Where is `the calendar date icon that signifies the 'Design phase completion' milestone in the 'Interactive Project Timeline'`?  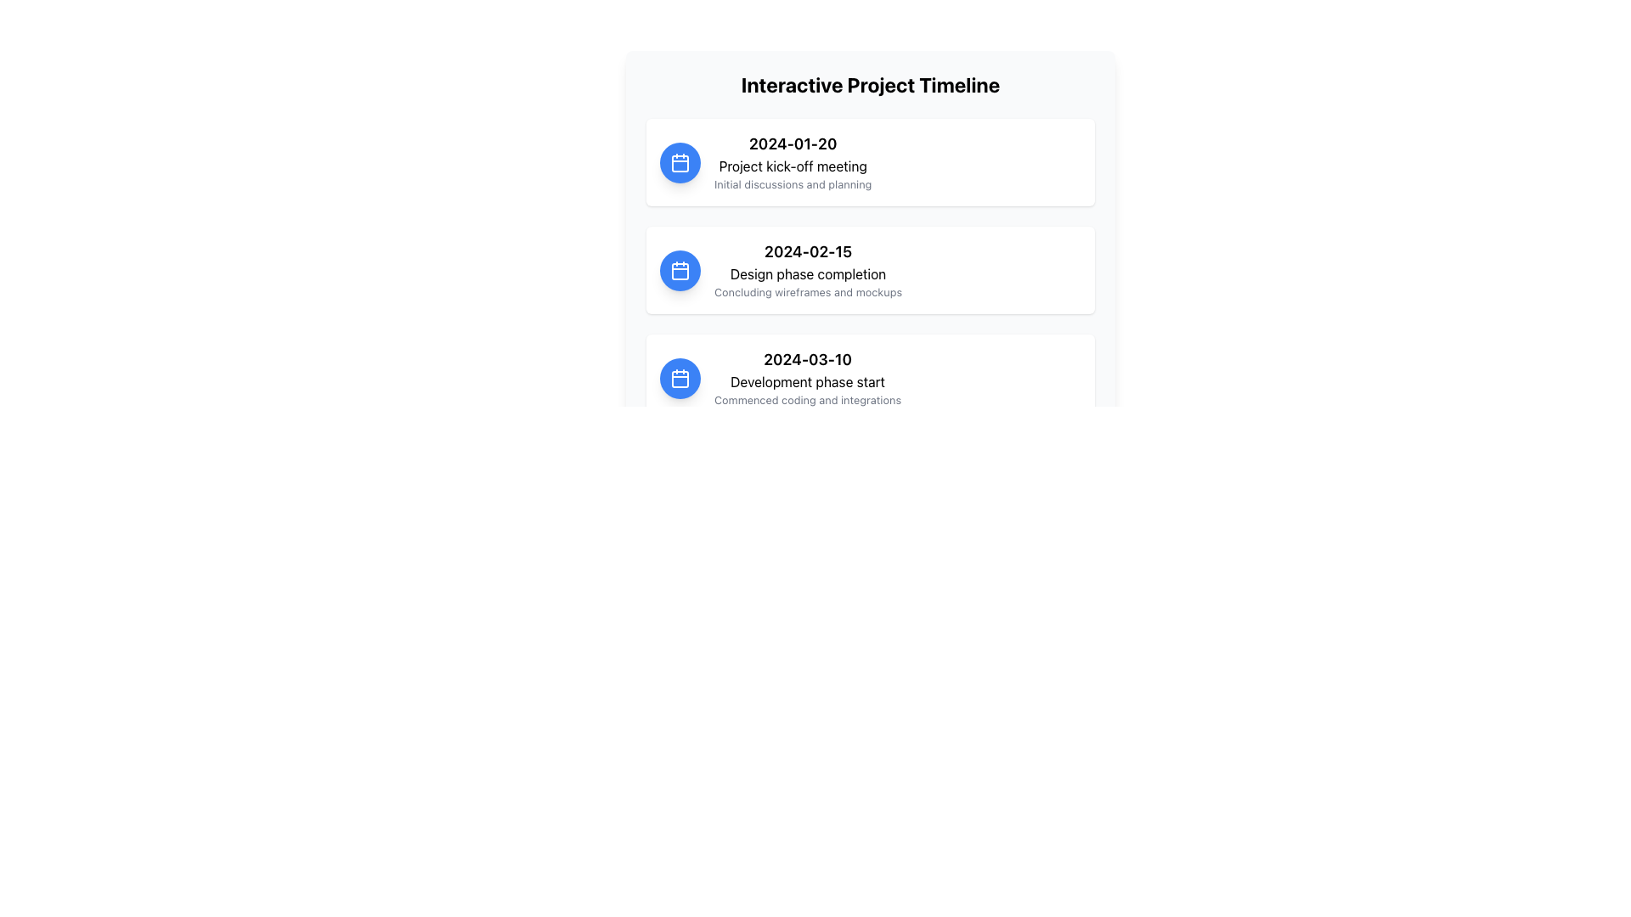 the calendar date icon that signifies the 'Design phase completion' milestone in the 'Interactive Project Timeline' is located at coordinates (680, 268).